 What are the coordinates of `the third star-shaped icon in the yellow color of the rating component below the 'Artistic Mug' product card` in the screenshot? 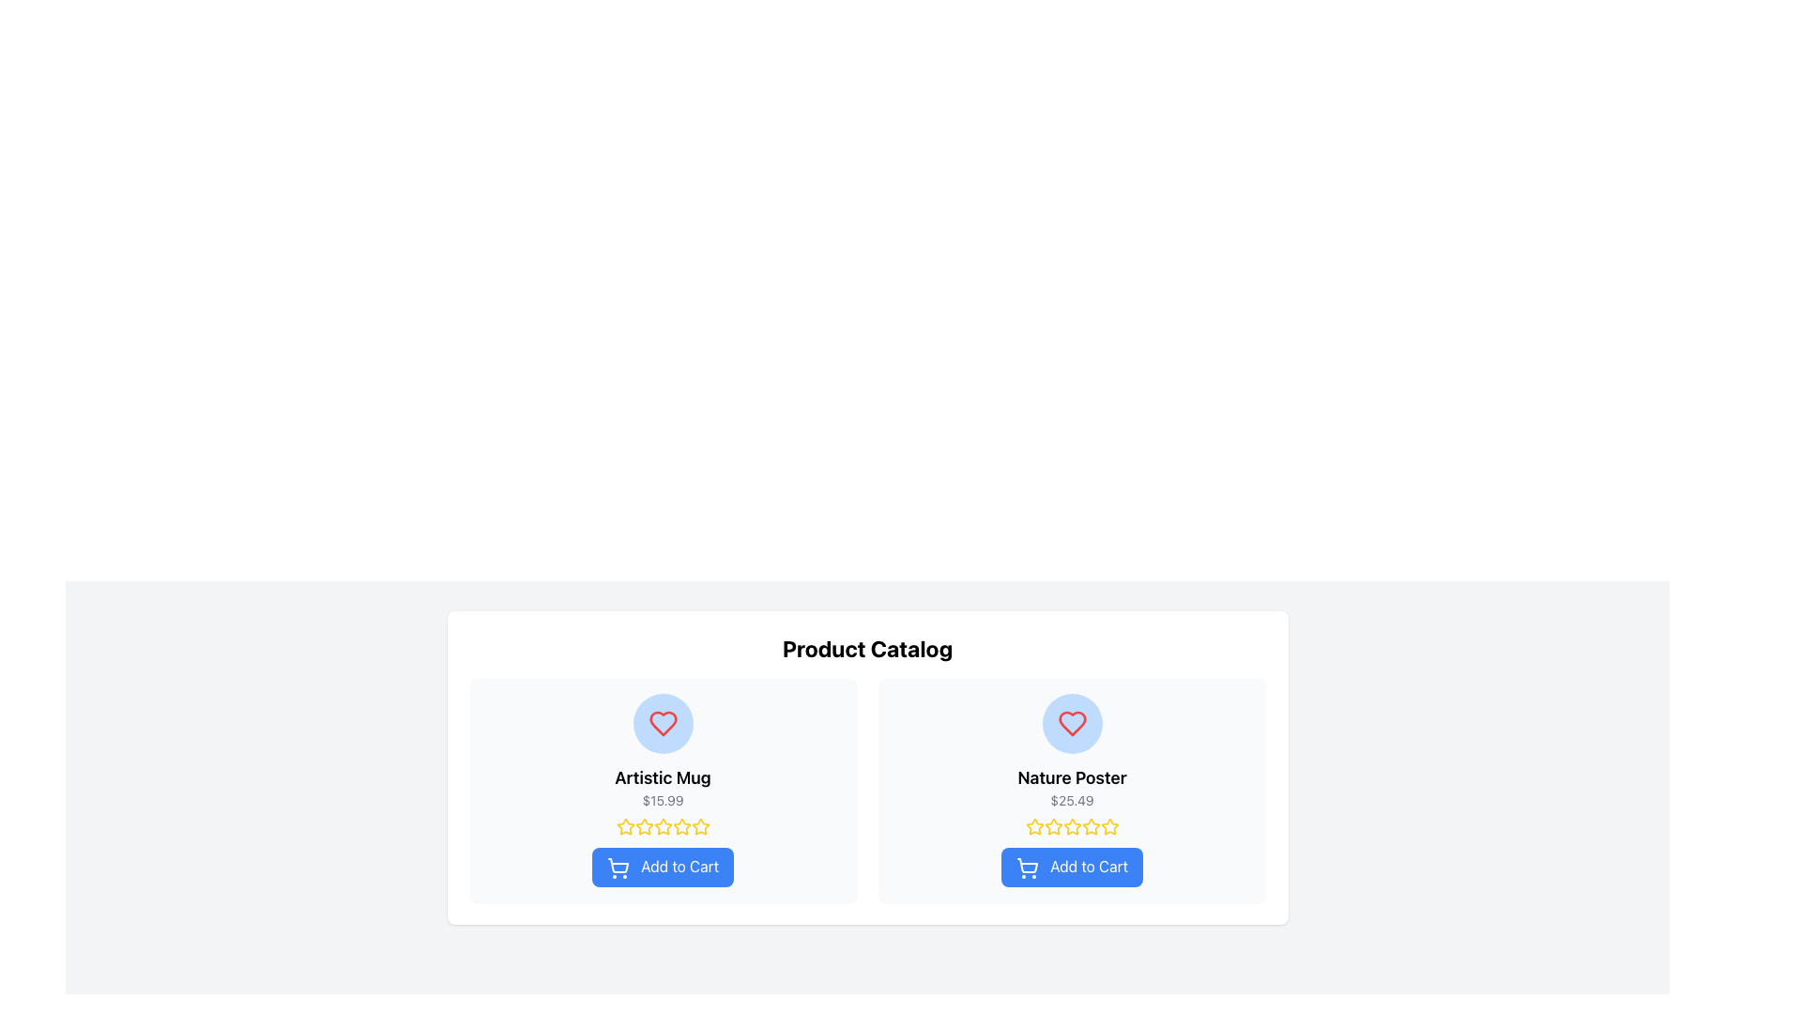 It's located at (680, 825).